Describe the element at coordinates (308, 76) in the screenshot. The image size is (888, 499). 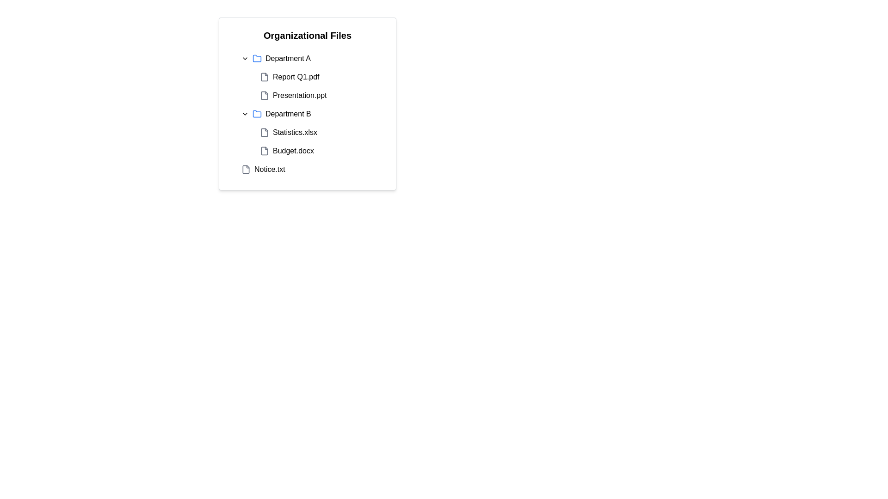
I see `the List item labeled 'Department AReport Q1.pdfPresentation.ppt' located under 'Organizational Files' in the hierarchical list` at that location.